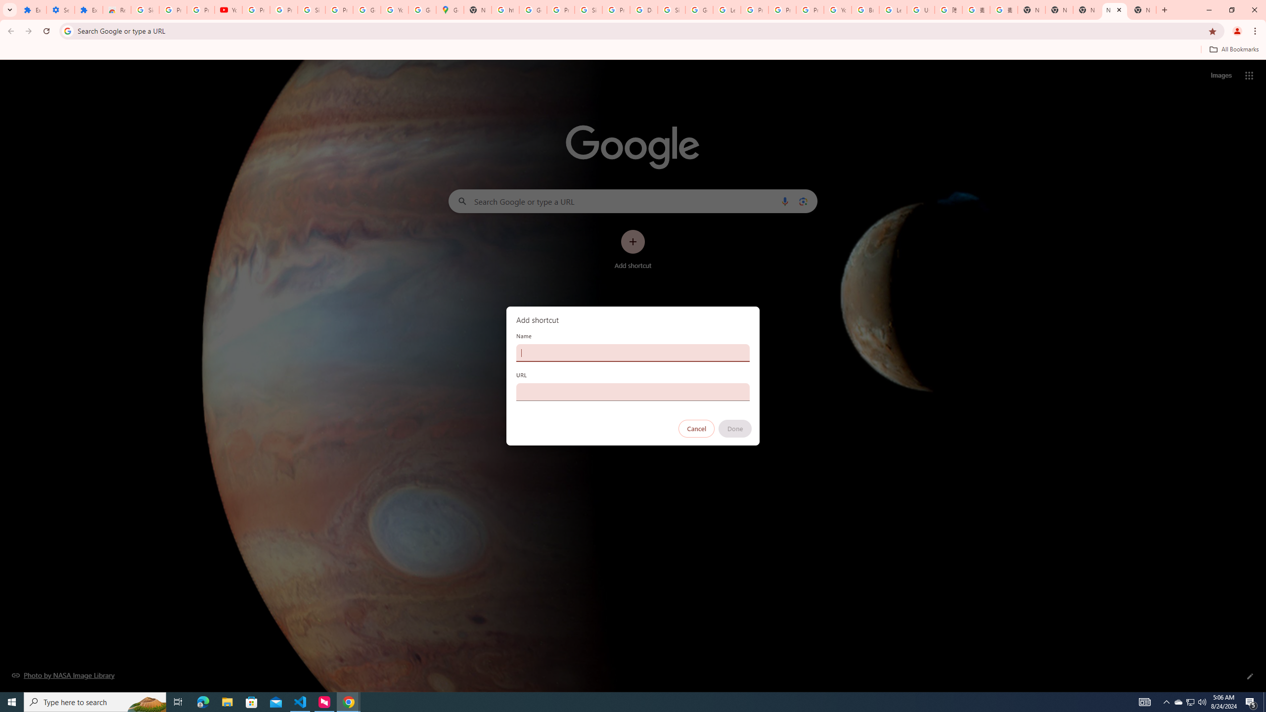  What do you see at coordinates (32, 9) in the screenshot?
I see `'Extensions'` at bounding box center [32, 9].